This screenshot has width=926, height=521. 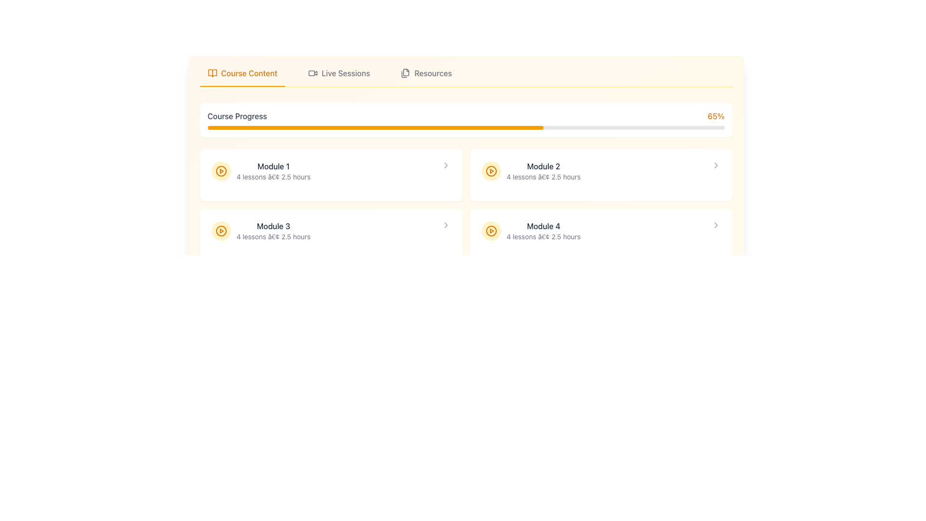 What do you see at coordinates (445, 165) in the screenshot?
I see `the right-facing gray chevron icon for navigation associated with 'Module 1'` at bounding box center [445, 165].